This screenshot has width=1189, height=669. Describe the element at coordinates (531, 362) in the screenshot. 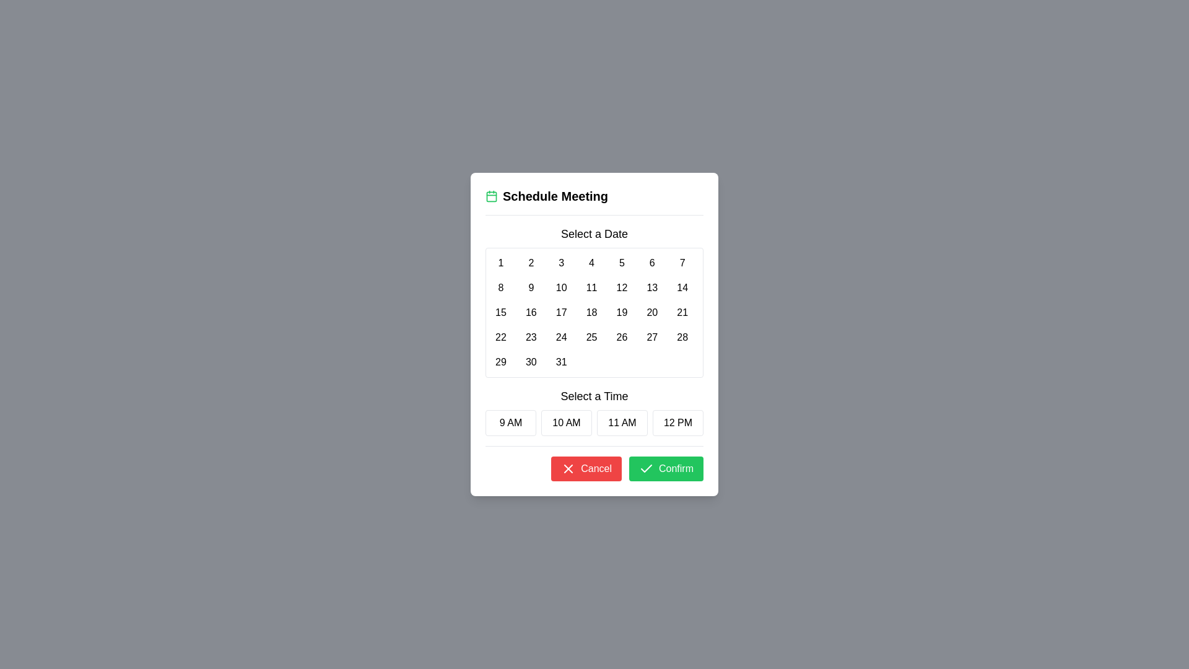

I see `the button` at that location.